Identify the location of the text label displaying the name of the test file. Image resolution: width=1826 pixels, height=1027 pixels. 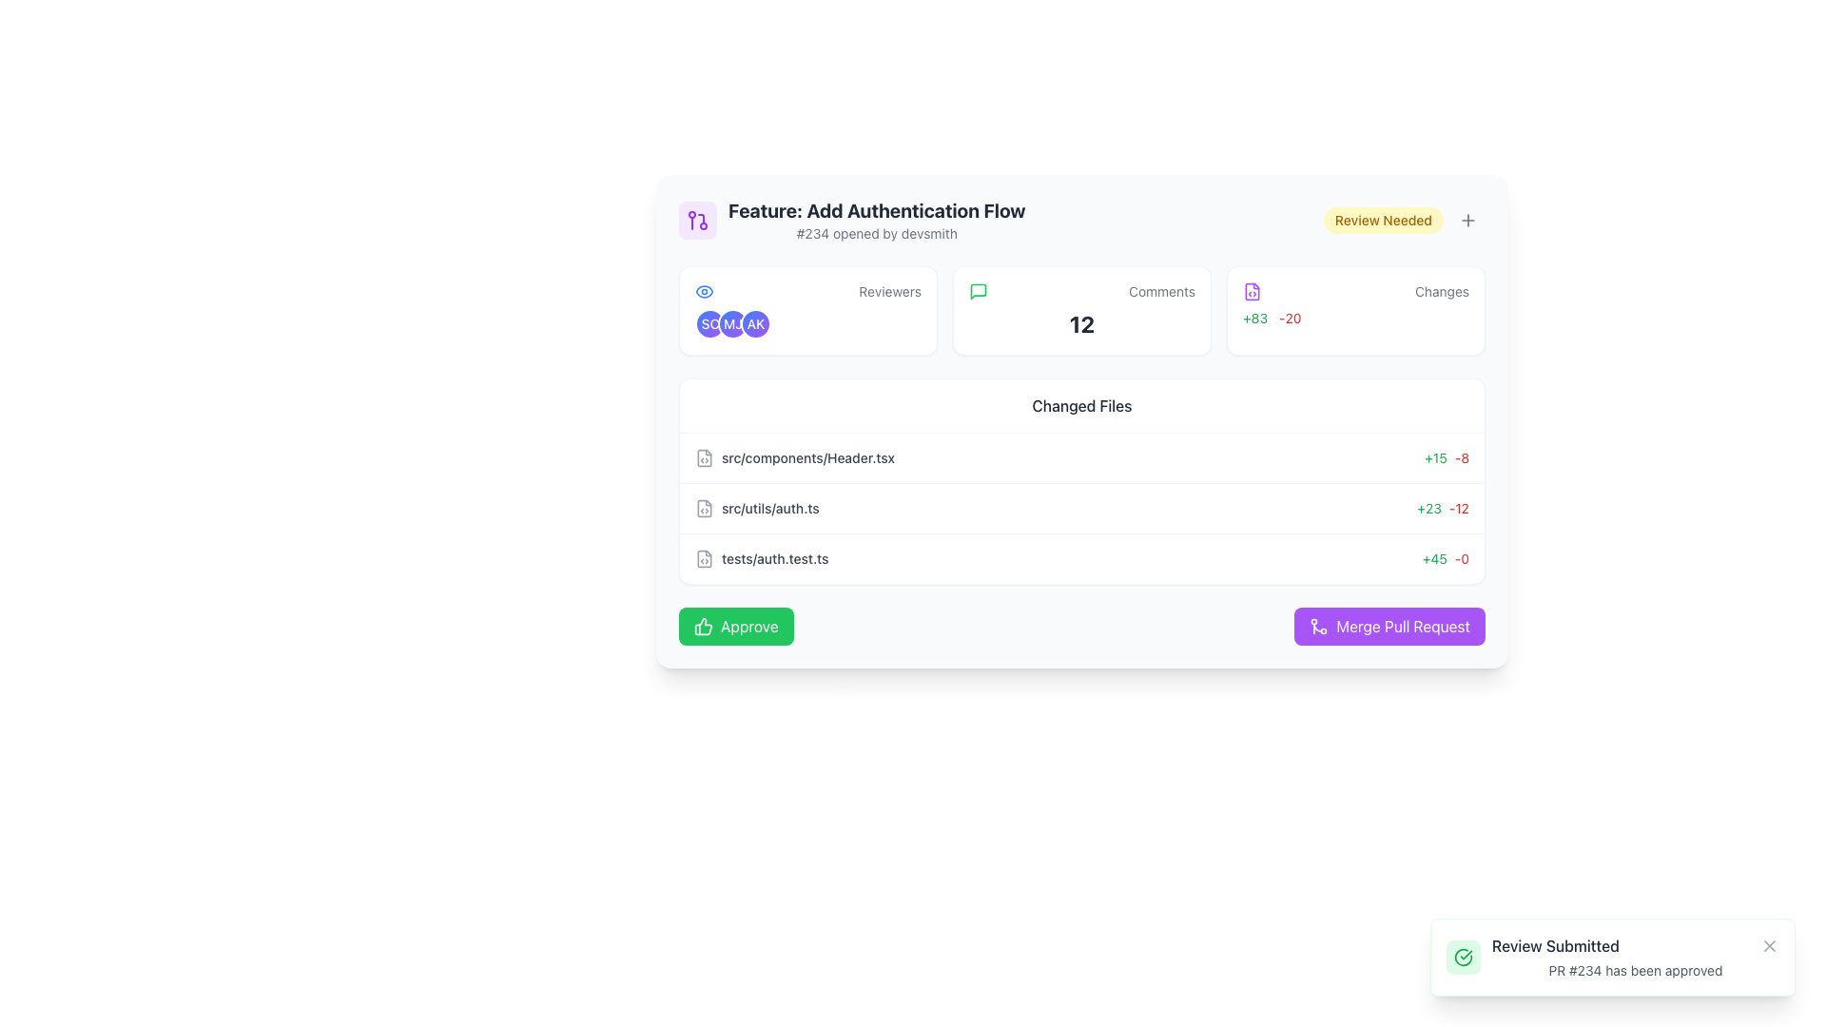
(762, 557).